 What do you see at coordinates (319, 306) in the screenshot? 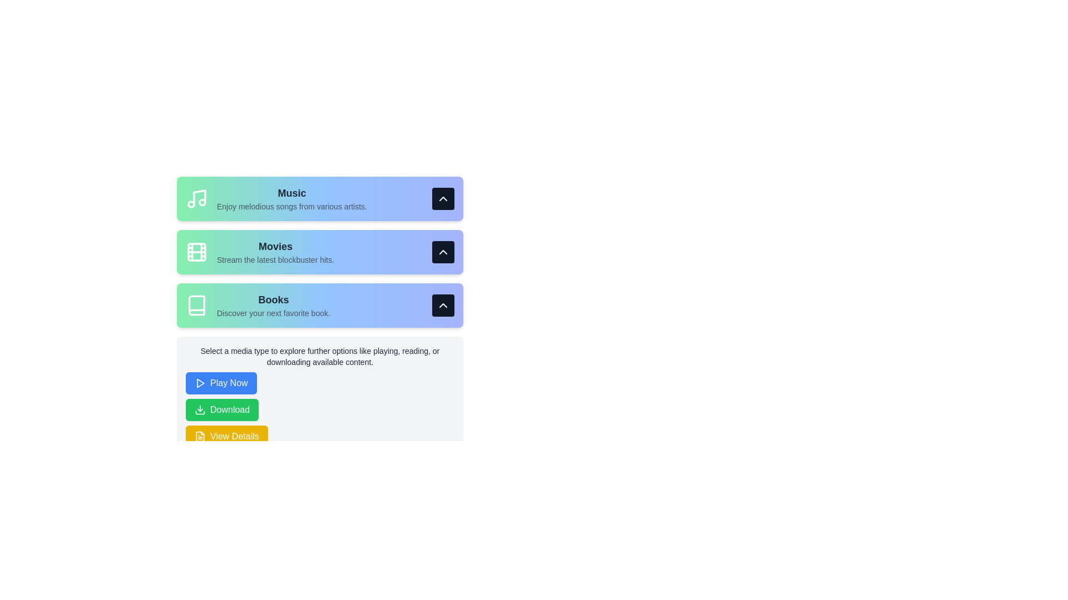
I see `the third section labeled 'Books' with a gradient background` at bounding box center [319, 306].